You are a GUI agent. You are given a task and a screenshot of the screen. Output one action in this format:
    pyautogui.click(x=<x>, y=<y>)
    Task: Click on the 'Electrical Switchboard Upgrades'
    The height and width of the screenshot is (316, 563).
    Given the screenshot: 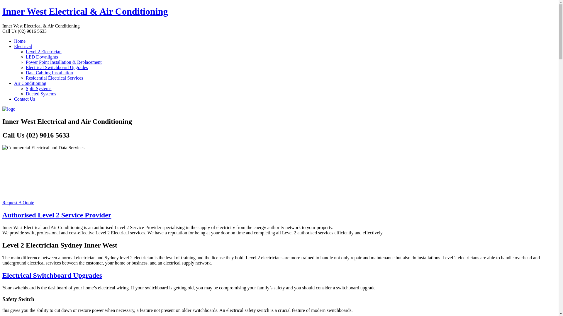 What is the action you would take?
    pyautogui.click(x=57, y=67)
    